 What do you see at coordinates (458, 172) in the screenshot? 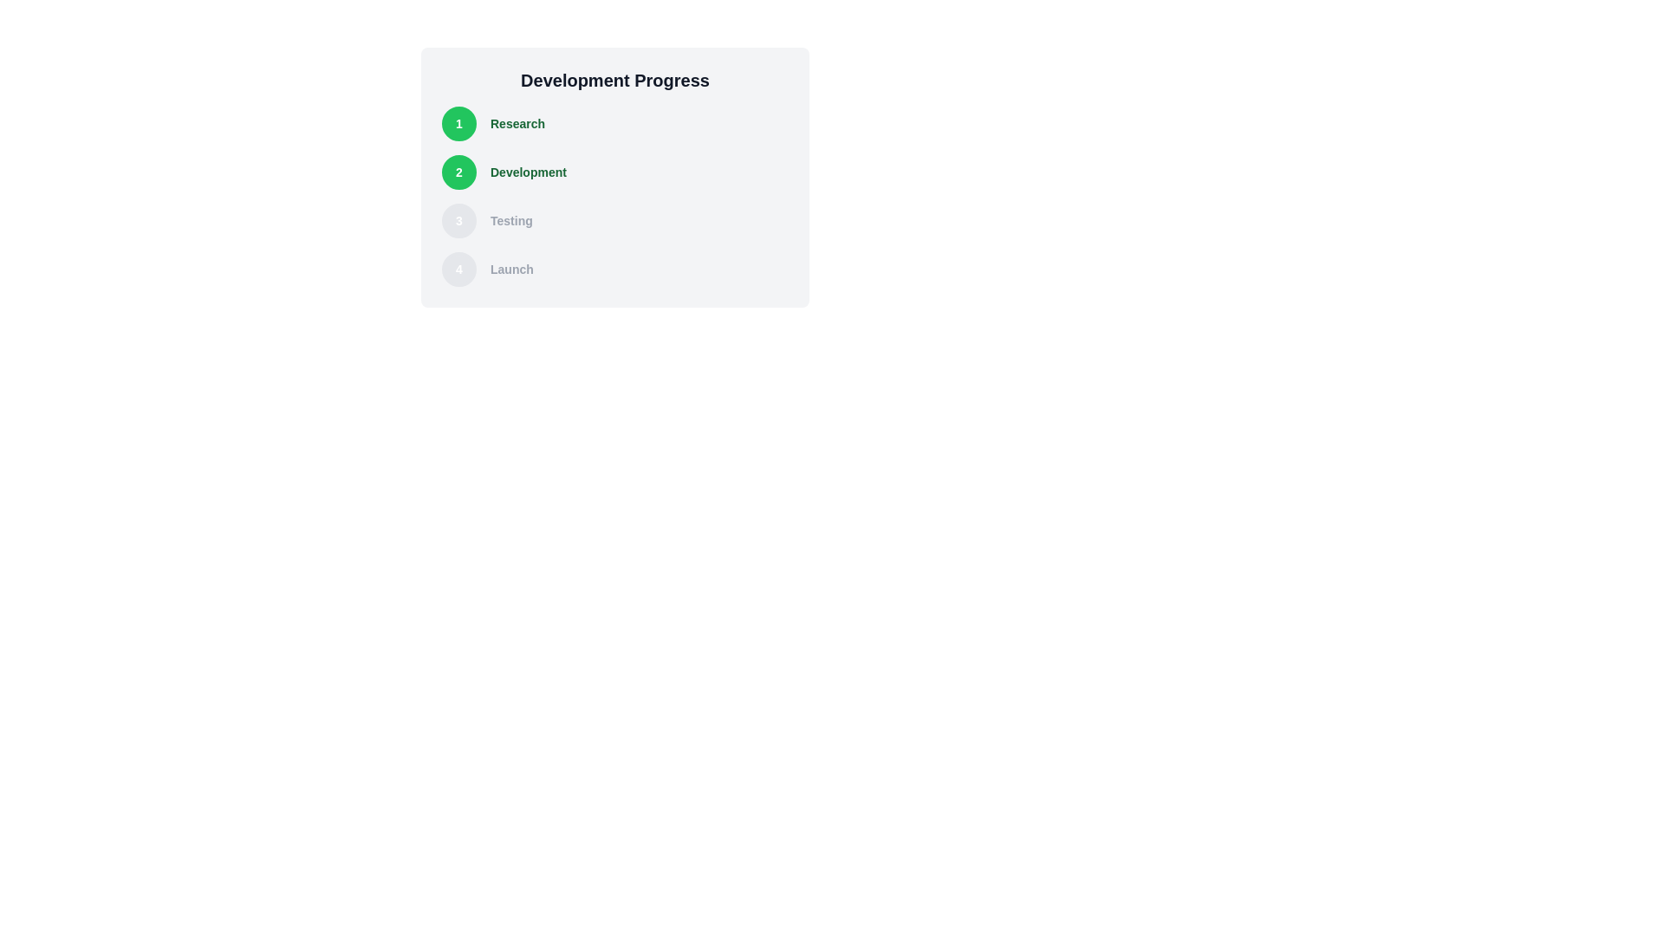
I see `the circular interactive element with a green background and the numeral '2'` at bounding box center [458, 172].